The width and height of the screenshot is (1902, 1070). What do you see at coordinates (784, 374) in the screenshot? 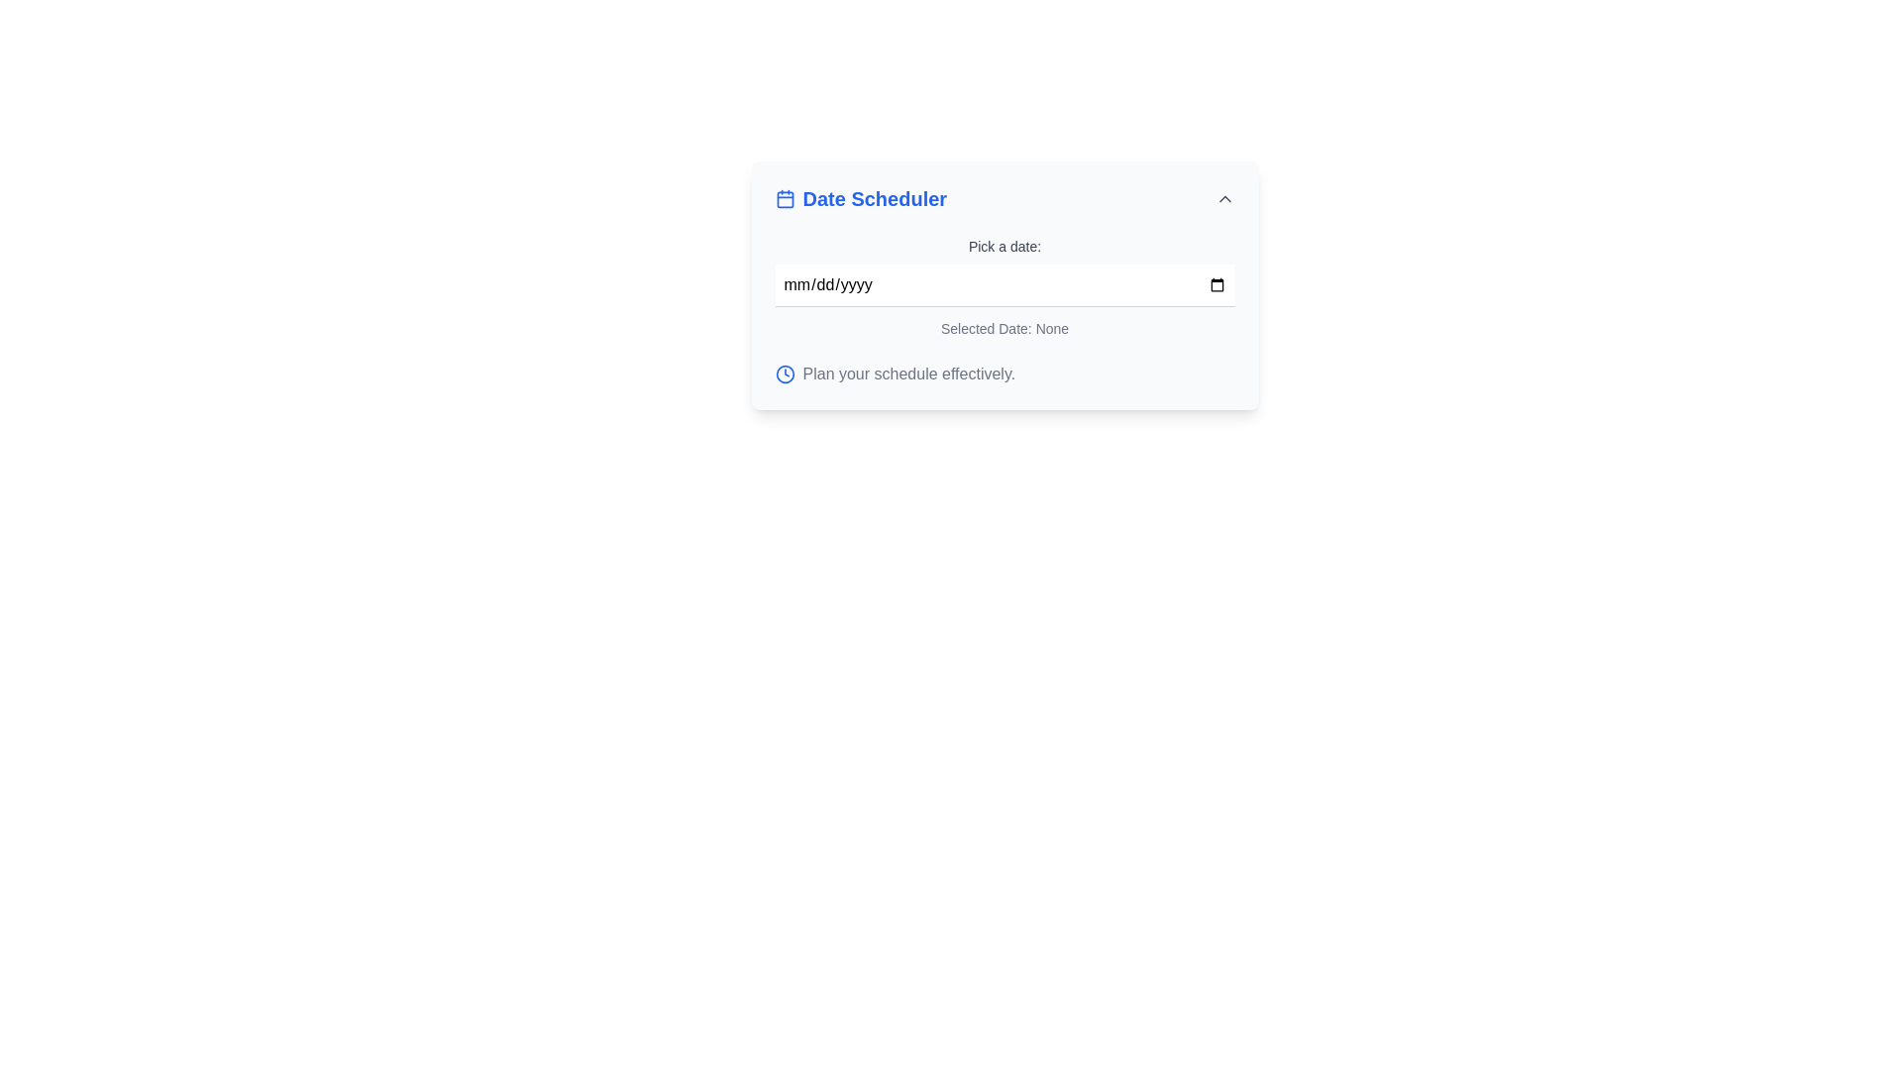
I see `the circular clock icon with a blue border located at the bottom left of the 'Date Scheduler' panel` at bounding box center [784, 374].